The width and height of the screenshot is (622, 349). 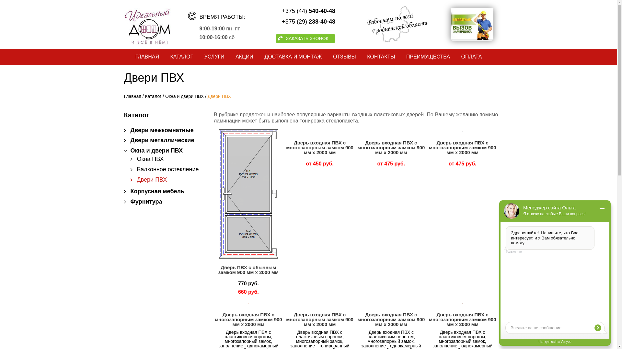 I want to click on '+375 (29) 238-40-48', so click(x=292, y=21).